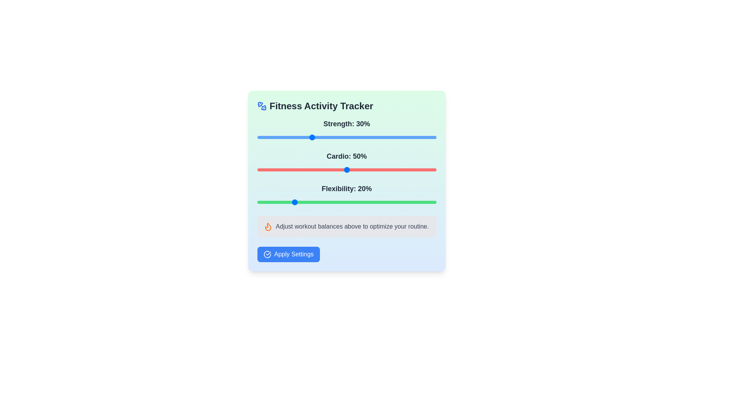 Image resolution: width=741 pixels, height=417 pixels. Describe the element at coordinates (267, 254) in the screenshot. I see `the confirmation icon located to the left of the 'Apply Settings' button at the bottom of the Fitness Activity Tracker interface` at that location.